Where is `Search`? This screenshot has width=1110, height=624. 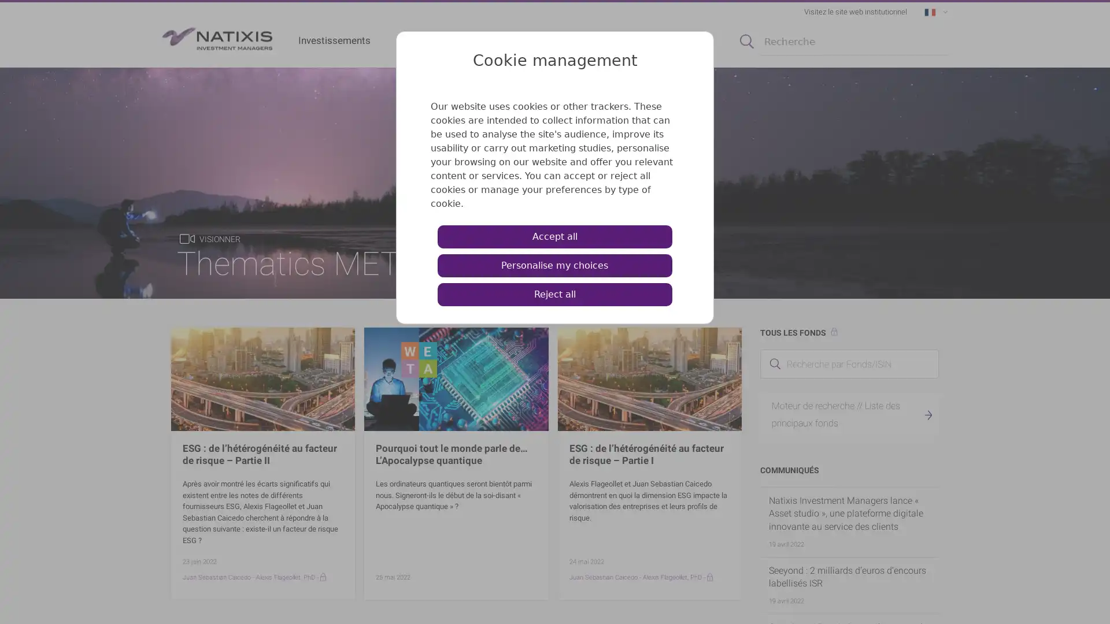
Search is located at coordinates (746, 41).